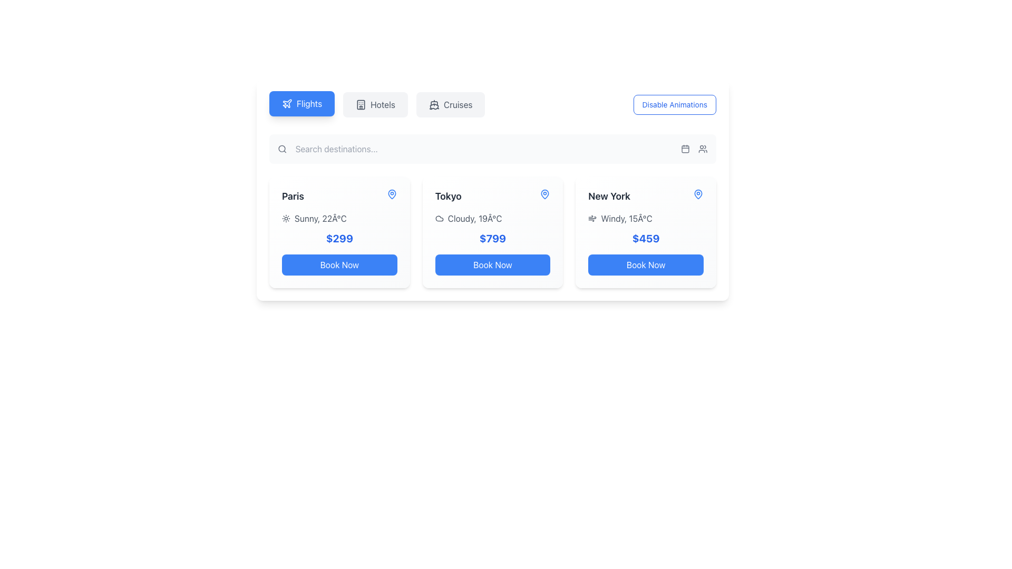  I want to click on the blue outlined map pin icon located next to the text 'Paris', so click(391, 194).